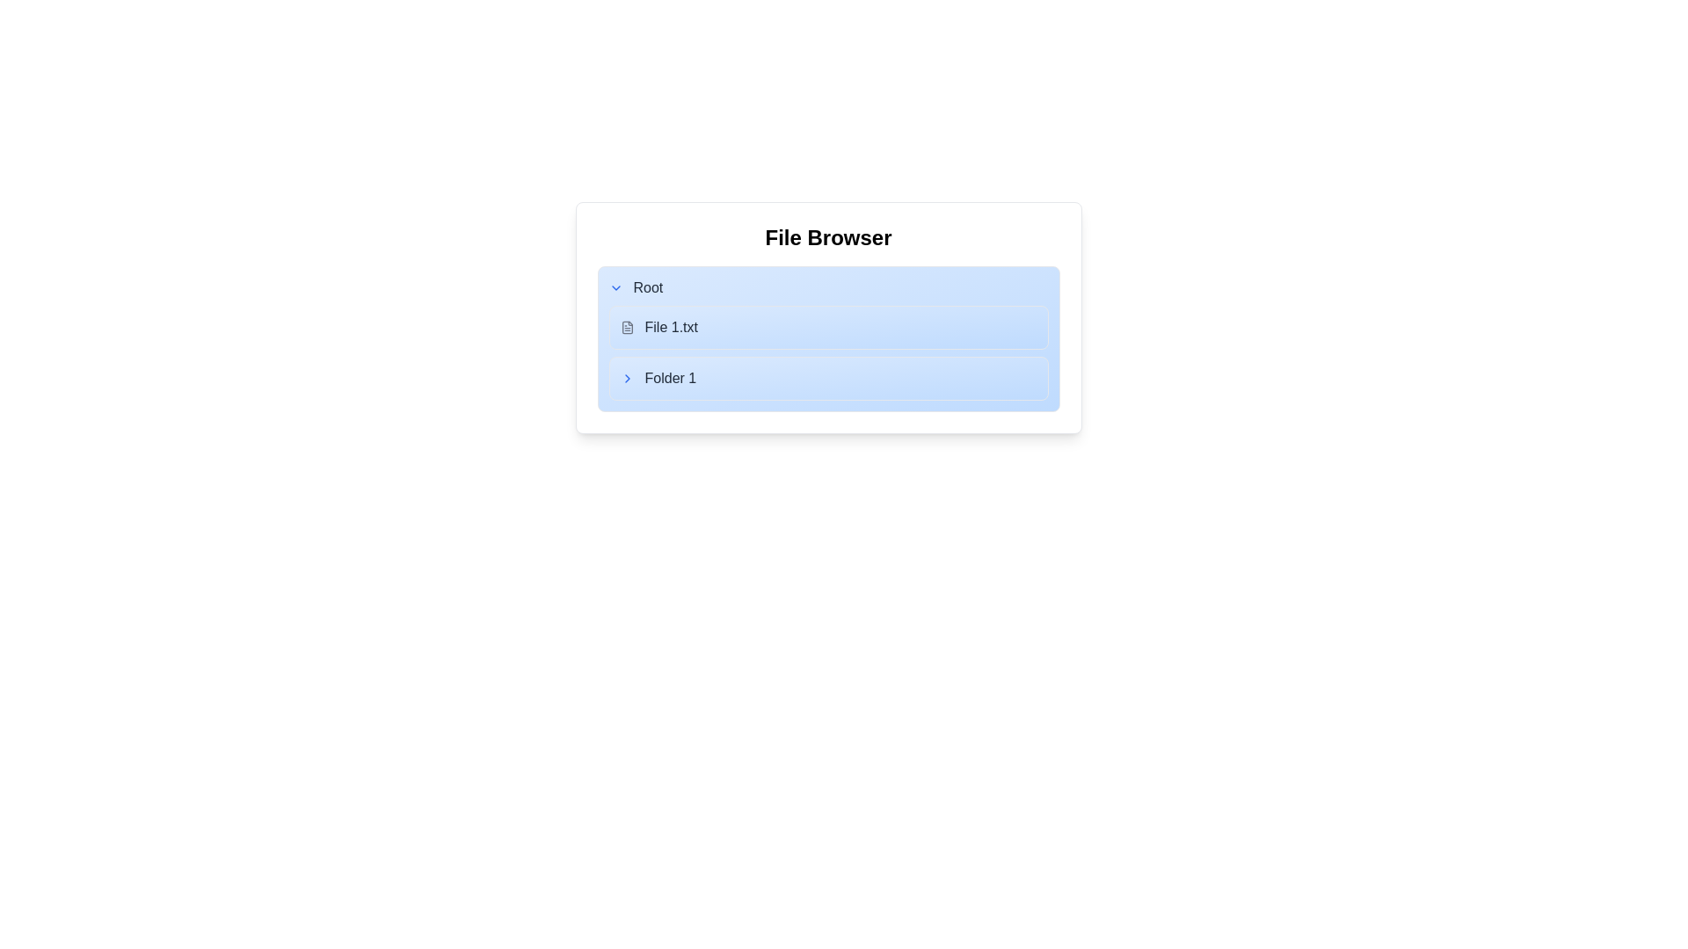 The width and height of the screenshot is (1688, 949). Describe the element at coordinates (657, 378) in the screenshot. I see `the 'Folder 1' text label in the file browser interface` at that location.